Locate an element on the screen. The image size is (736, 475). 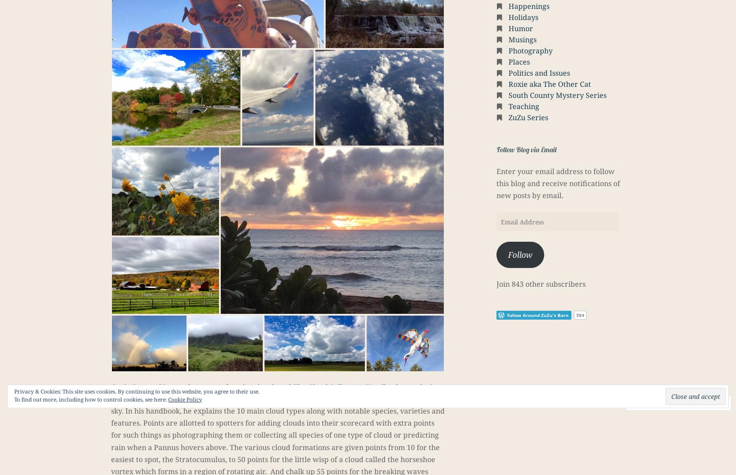
'ZuZu Series' is located at coordinates (528, 117).